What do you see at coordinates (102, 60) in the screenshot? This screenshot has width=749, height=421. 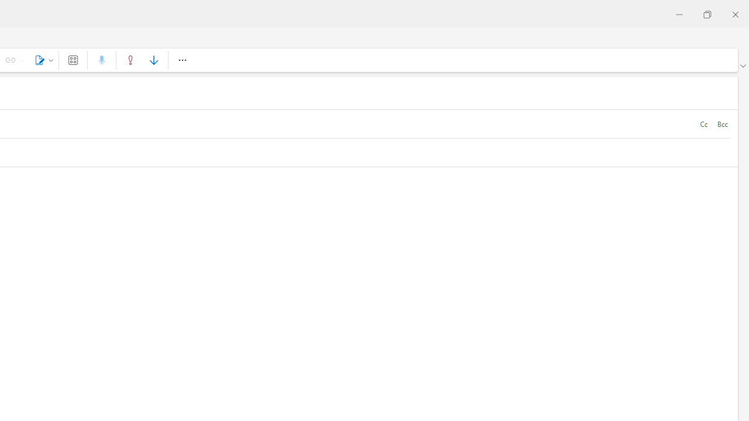 I see `'Dictate'` at bounding box center [102, 60].